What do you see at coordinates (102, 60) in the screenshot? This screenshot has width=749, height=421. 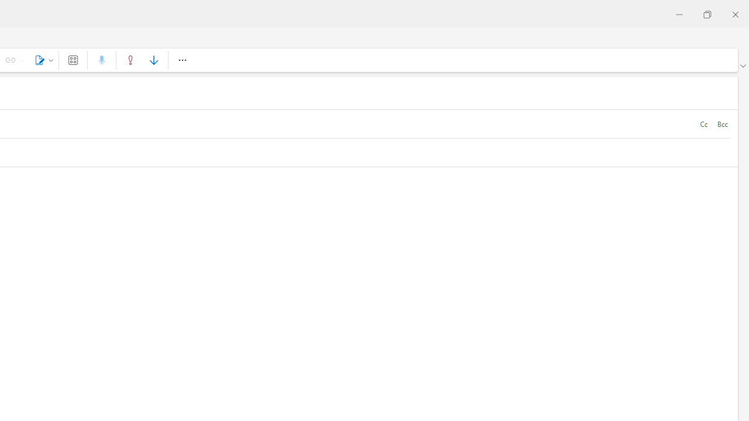 I see `'Dictate'` at bounding box center [102, 60].